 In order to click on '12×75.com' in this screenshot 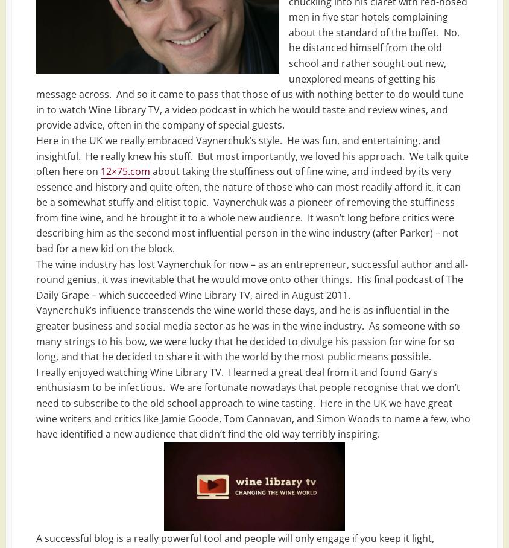, I will do `click(125, 171)`.